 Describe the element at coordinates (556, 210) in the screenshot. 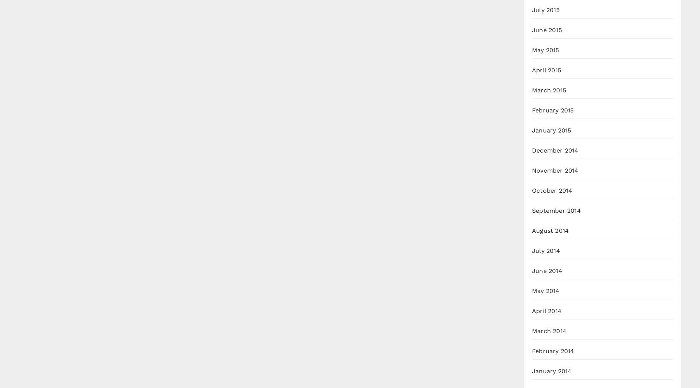

I see `'September 2014'` at that location.